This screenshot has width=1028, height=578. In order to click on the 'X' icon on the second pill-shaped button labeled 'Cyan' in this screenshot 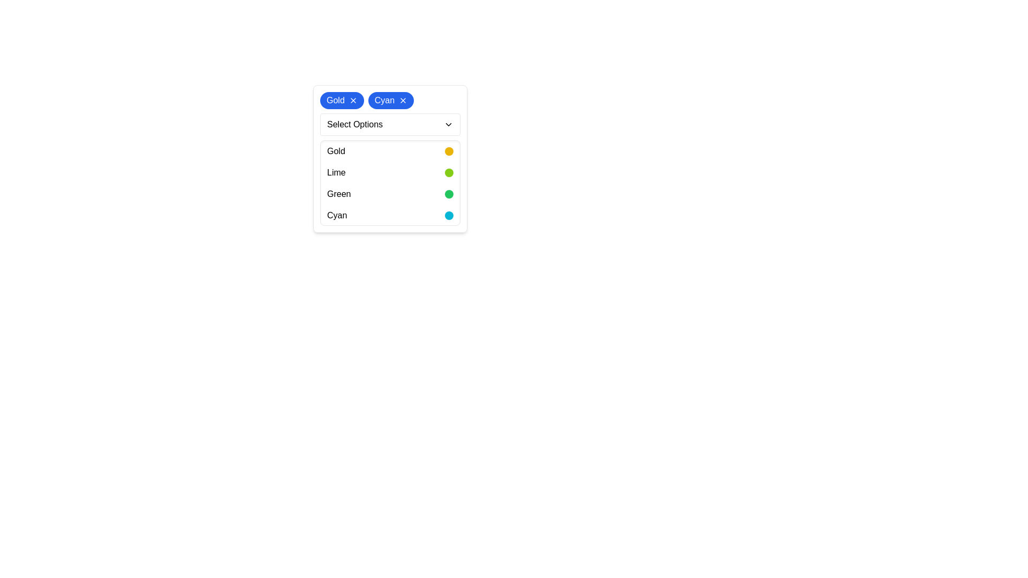, I will do `click(390, 101)`.